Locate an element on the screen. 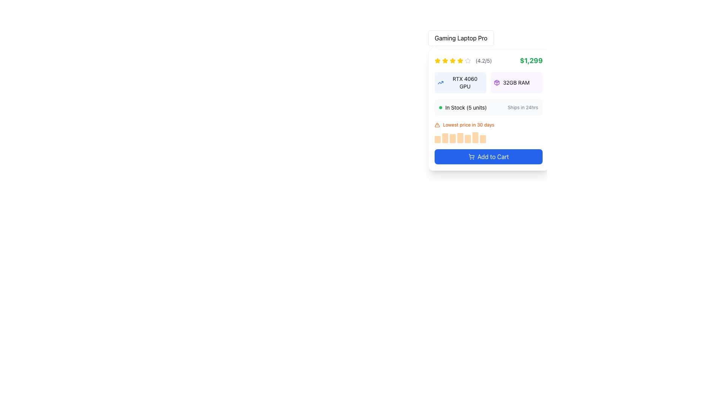 This screenshot has height=408, width=725. the fifth star icon in the 5-star rating system, which is styled with a yellow fill and represents a rating component is located at coordinates (460, 60).